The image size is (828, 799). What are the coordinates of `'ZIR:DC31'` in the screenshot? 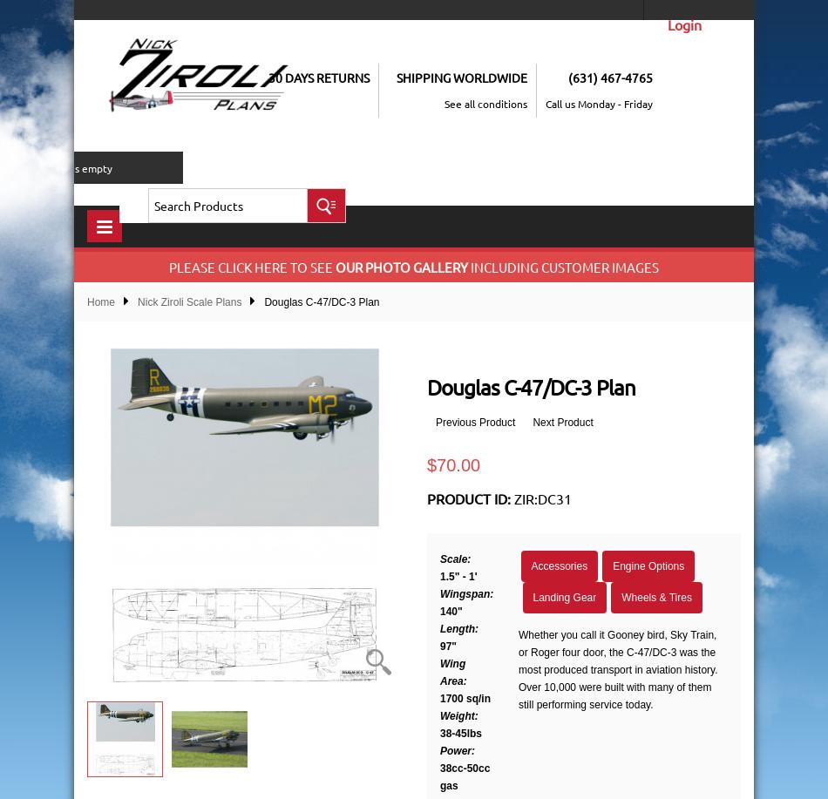 It's located at (541, 498).